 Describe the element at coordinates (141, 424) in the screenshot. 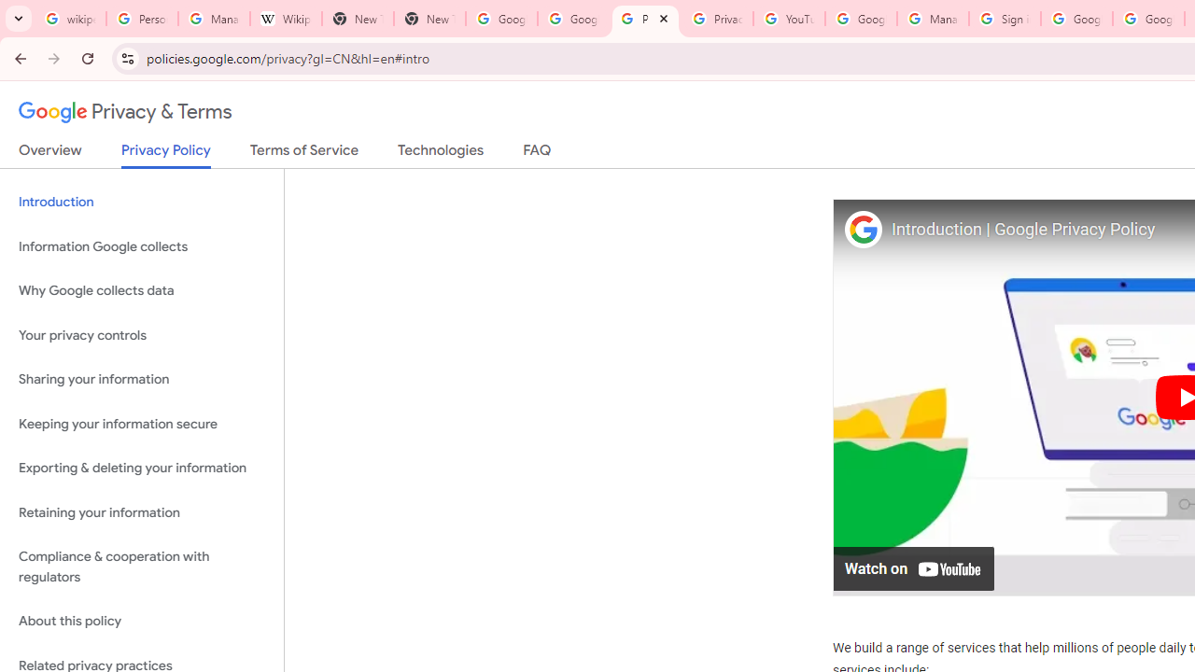

I see `'Keeping your information secure'` at that location.